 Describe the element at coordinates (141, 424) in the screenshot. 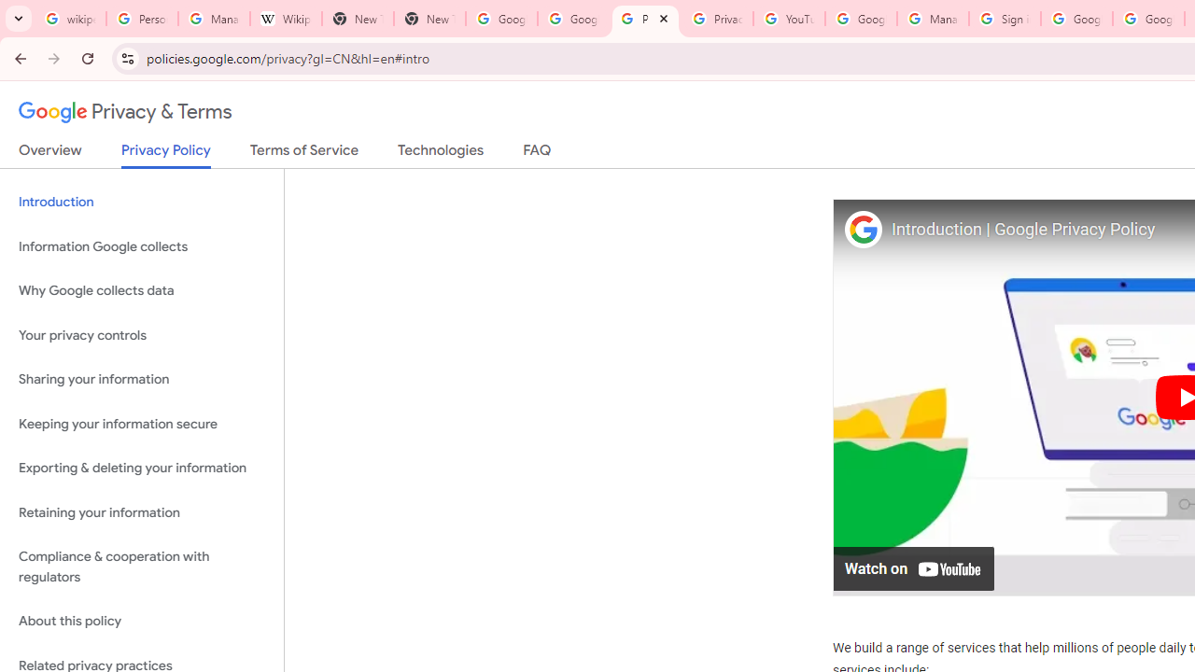

I see `'Keeping your information secure'` at that location.